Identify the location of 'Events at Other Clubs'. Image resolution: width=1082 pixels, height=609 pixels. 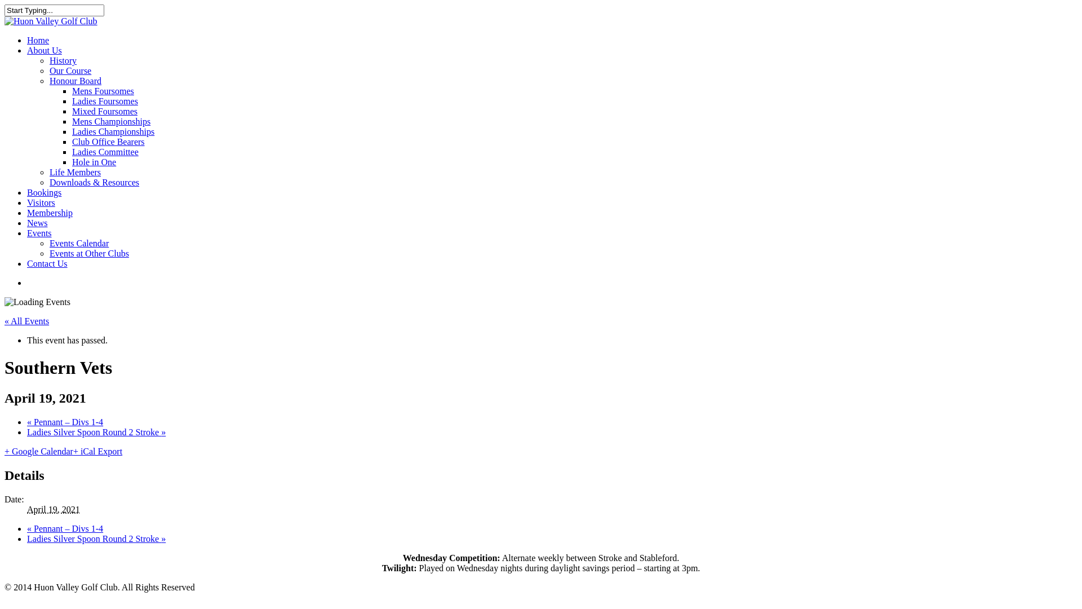
(88, 253).